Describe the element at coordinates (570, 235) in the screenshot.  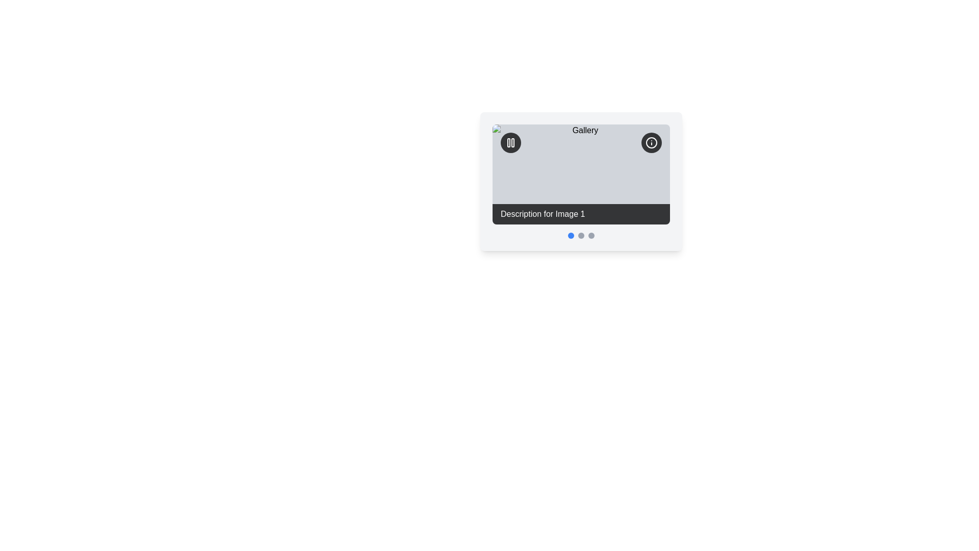
I see `the first circular indicator dot at the bottom-center of the interface` at that location.